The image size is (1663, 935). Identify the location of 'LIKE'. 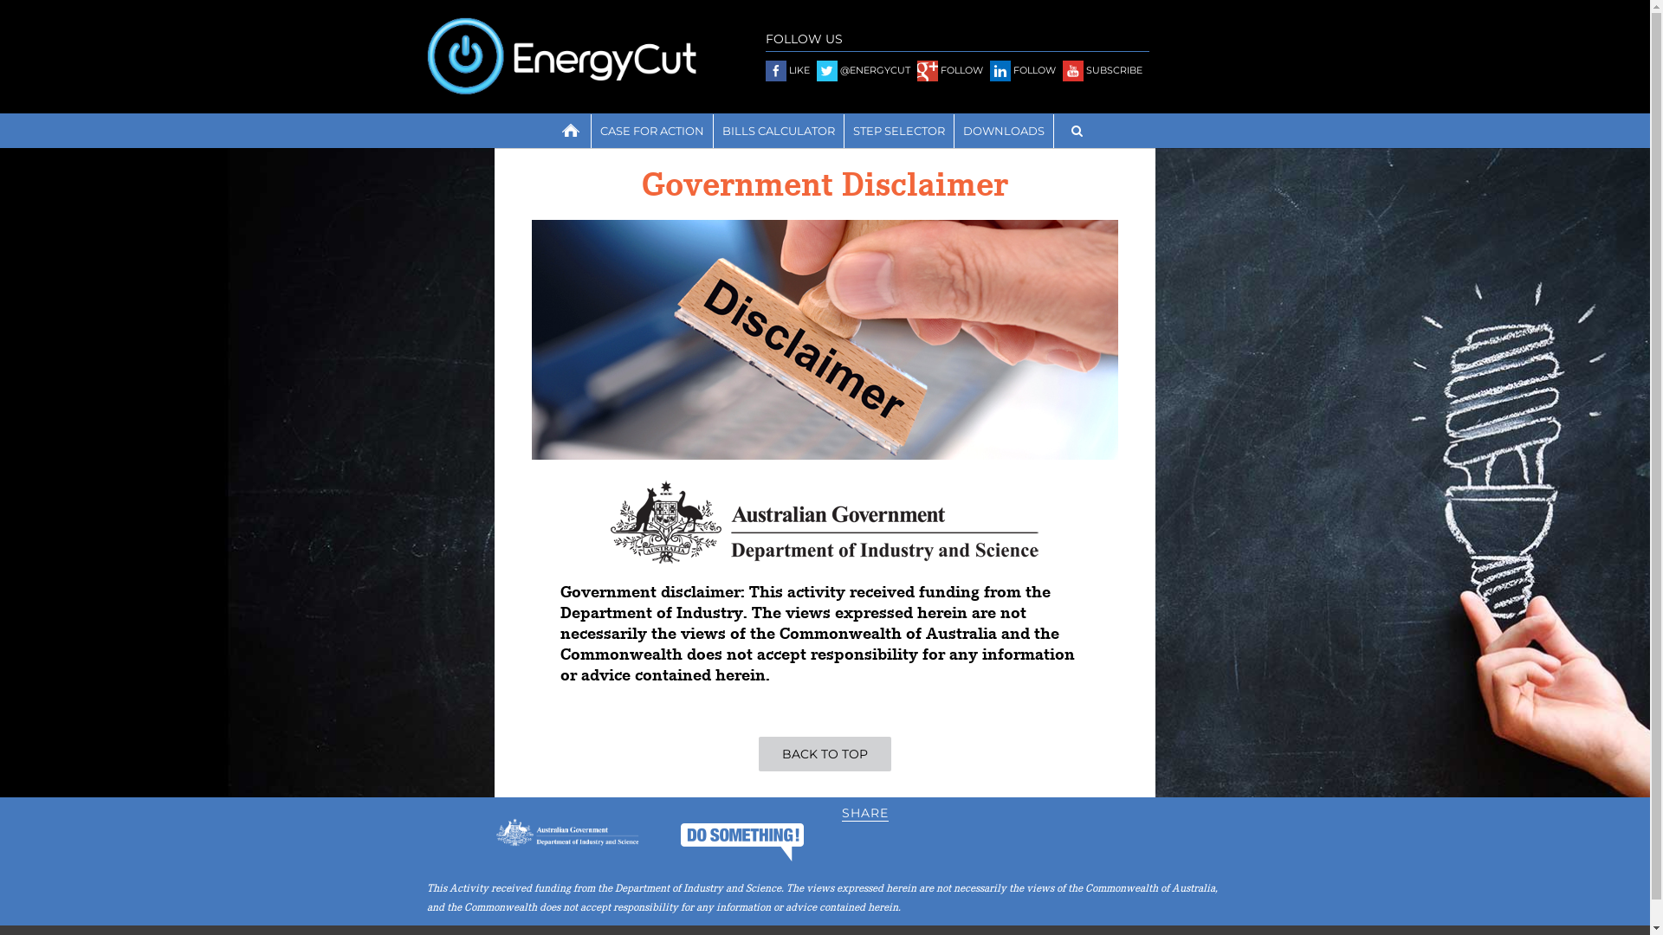
(786, 69).